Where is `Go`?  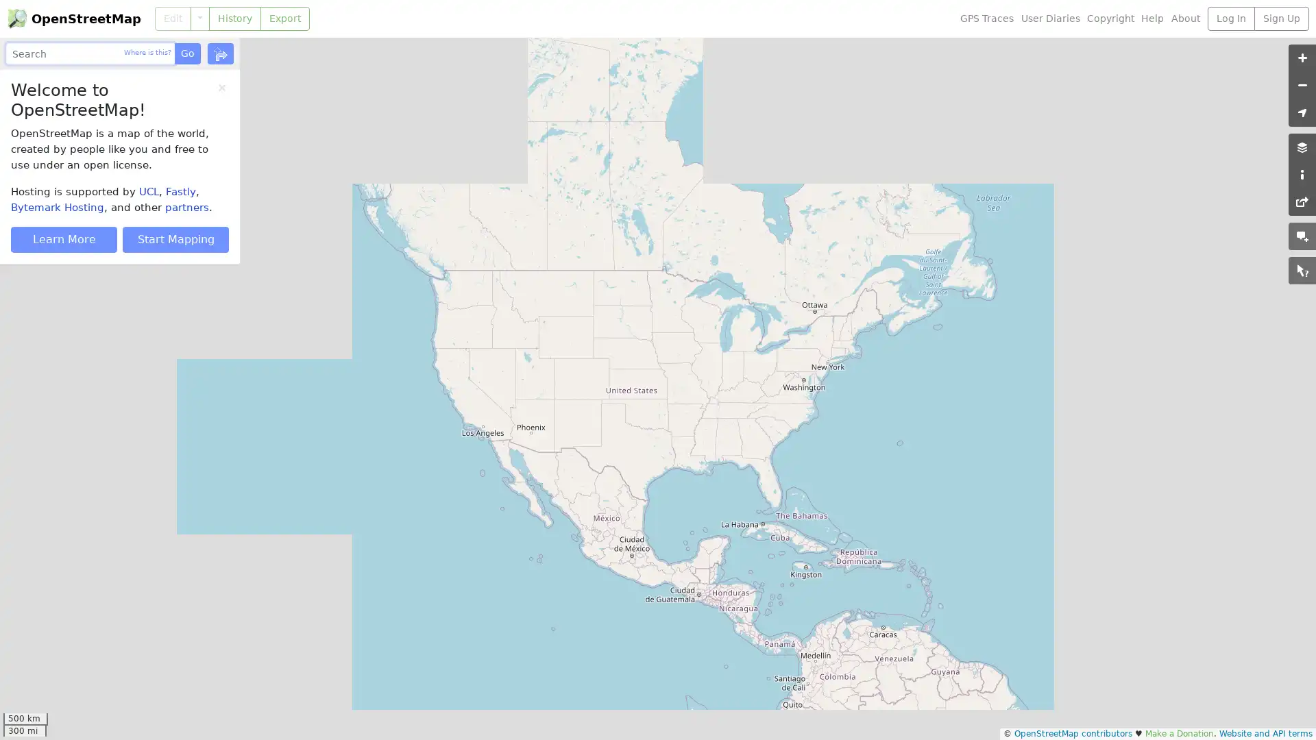
Go is located at coordinates (186, 53).